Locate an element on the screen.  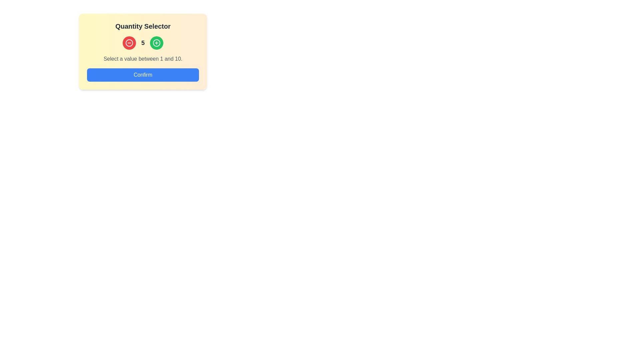
the increment button located on the right side of the quantity selector interface, which is aligned with a bold number '5' and a red circular minus button to its left, to change its appearance is located at coordinates (156, 43).